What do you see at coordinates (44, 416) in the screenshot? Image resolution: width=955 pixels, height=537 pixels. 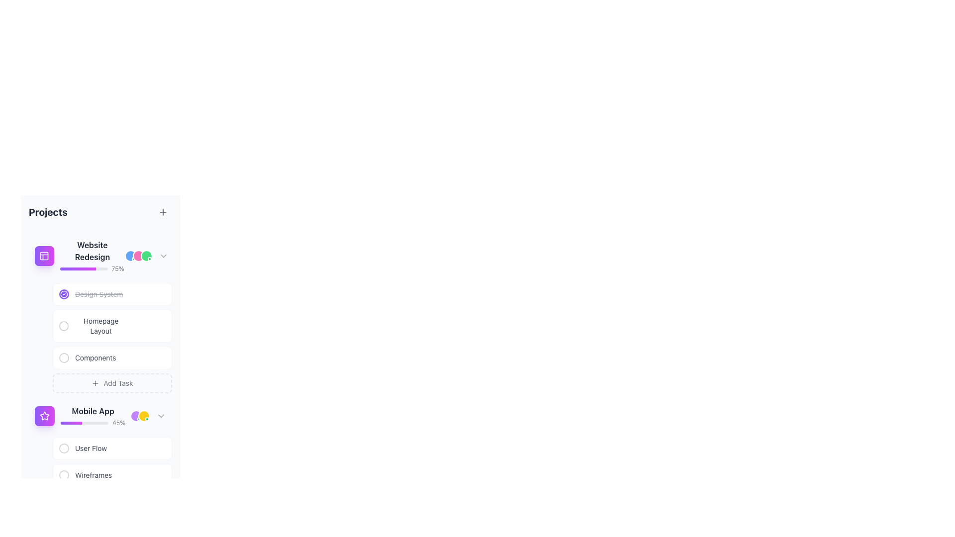 I see `the icon adjacent to the 'Mobile App' project item in the sidebar interface, which is used for marking or highlighting the project` at bounding box center [44, 416].